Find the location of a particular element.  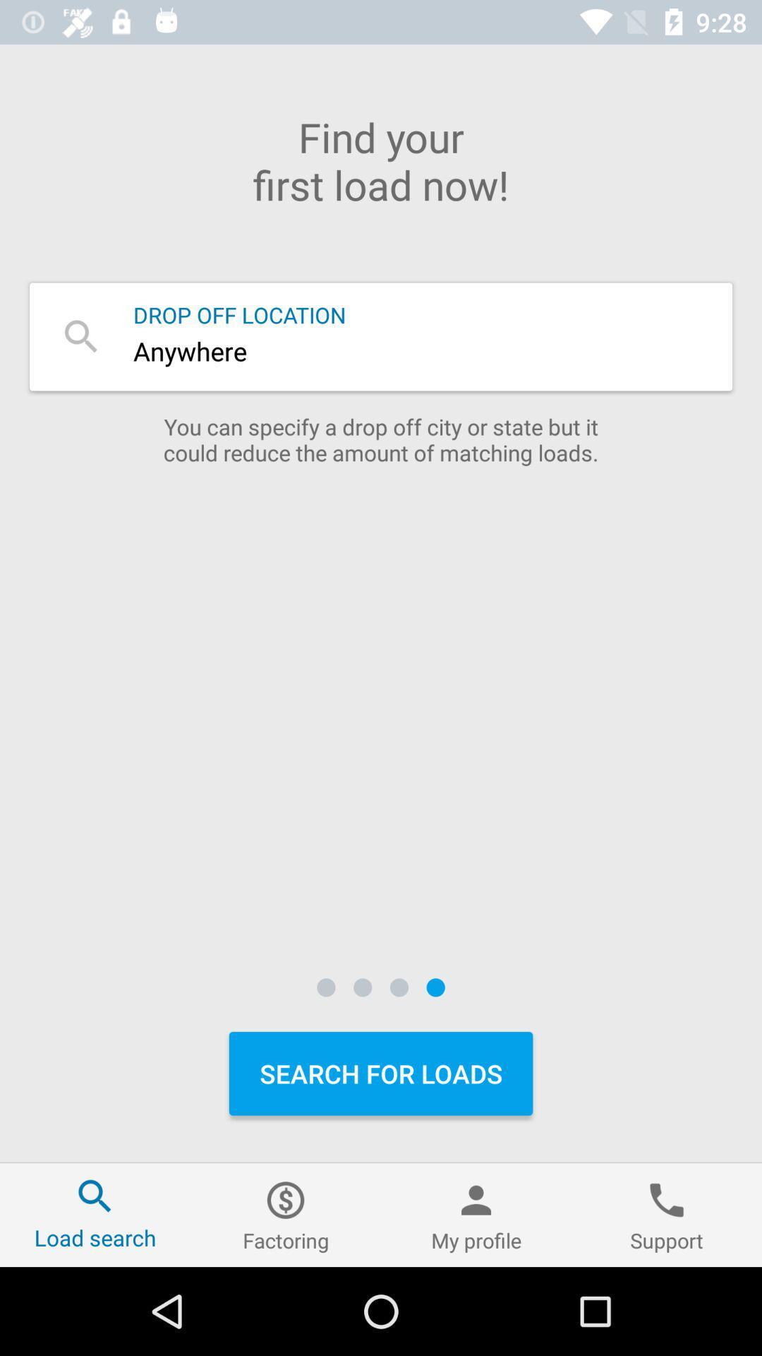

the icon next to factoring icon is located at coordinates (95, 1214).